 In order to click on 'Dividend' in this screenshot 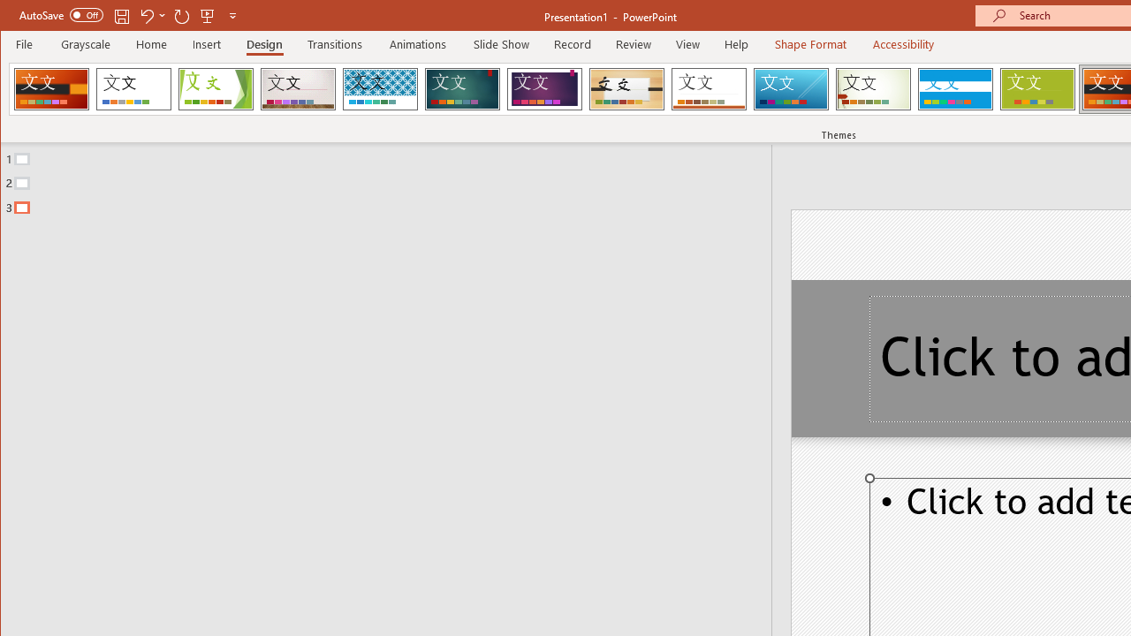, I will do `click(51, 88)`.